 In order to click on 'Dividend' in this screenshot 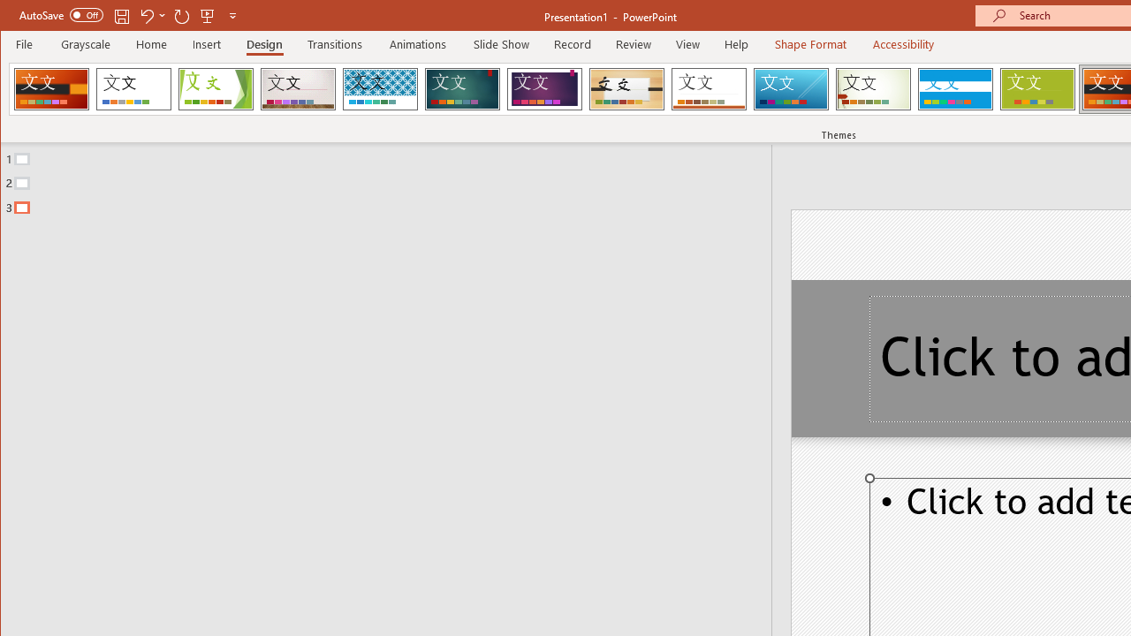, I will do `click(51, 88)`.